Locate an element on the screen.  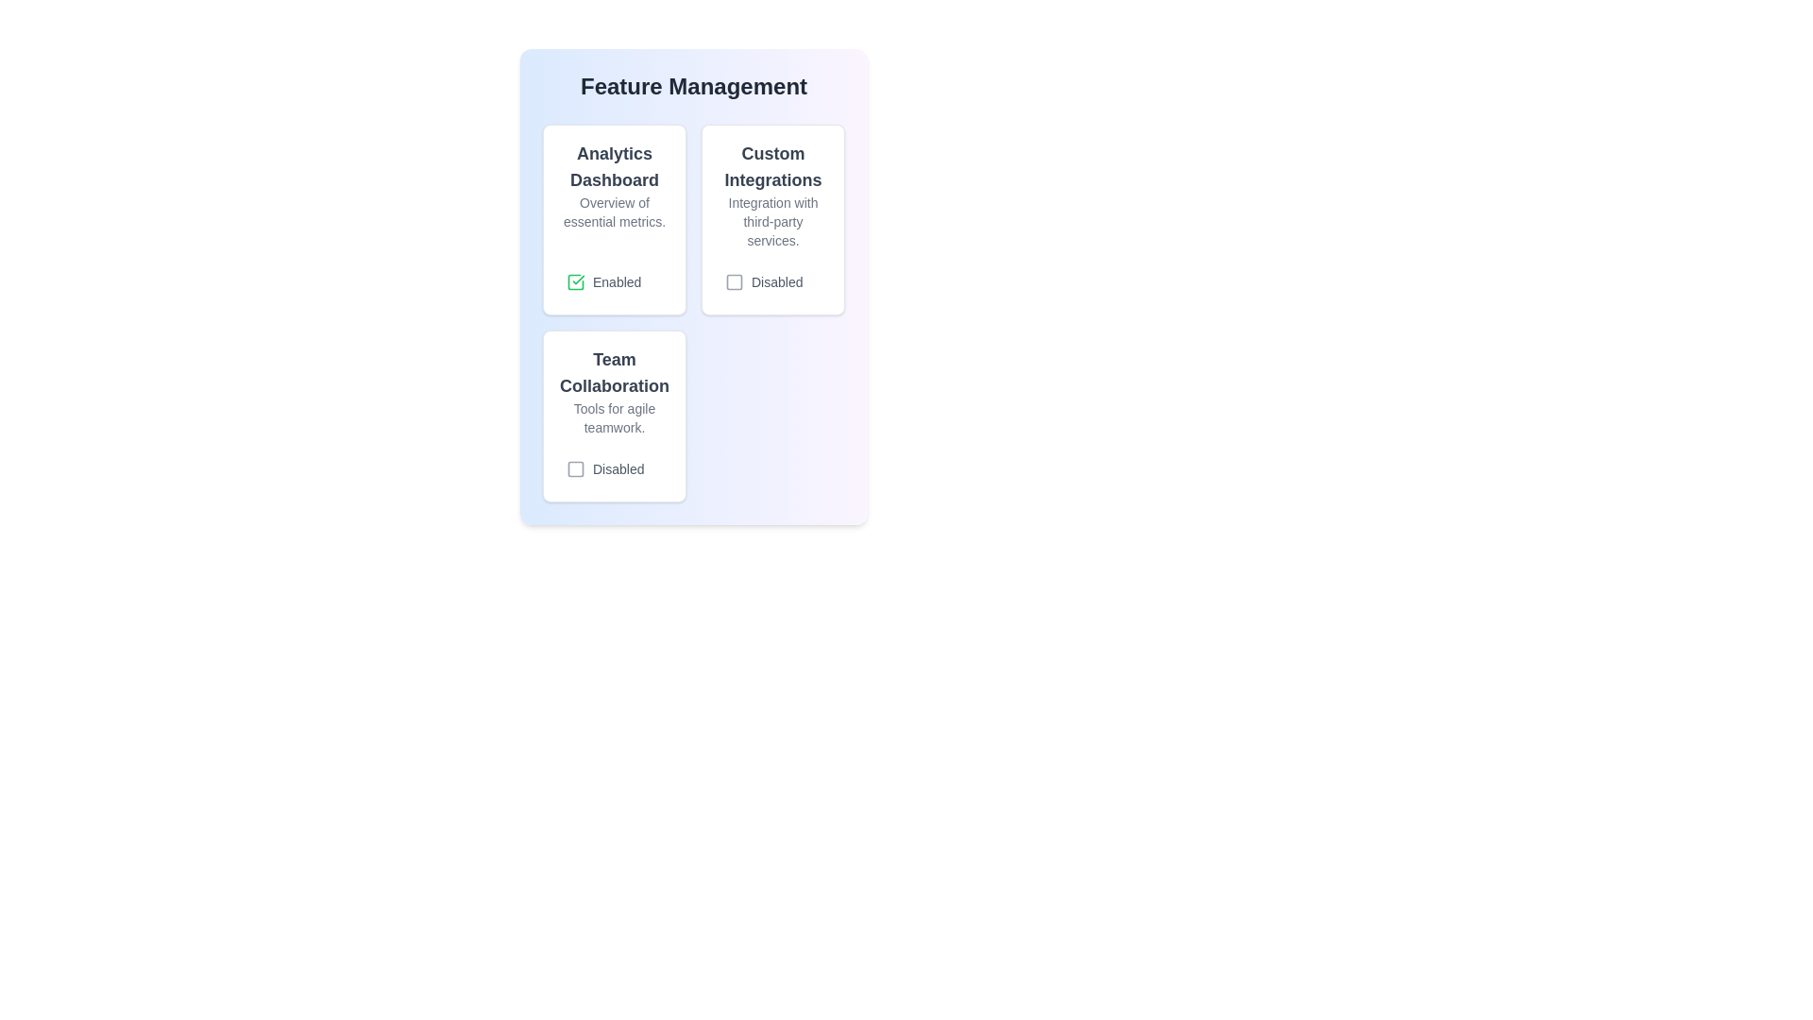
the square of the Checkbox located at the bottom-center of the 'Custom Integrations' card is located at coordinates (764, 282).